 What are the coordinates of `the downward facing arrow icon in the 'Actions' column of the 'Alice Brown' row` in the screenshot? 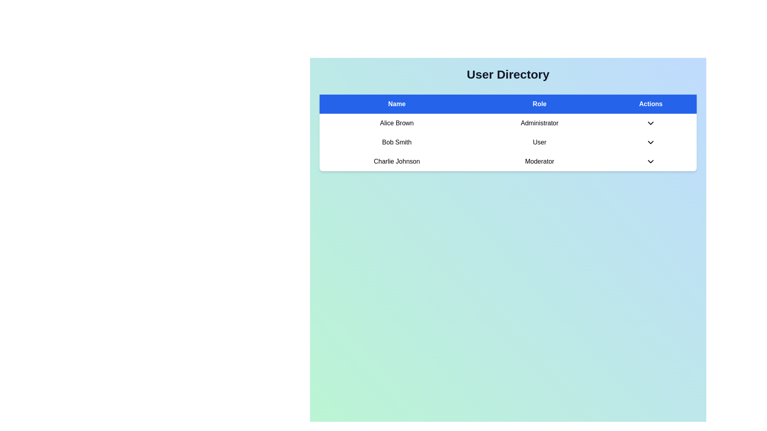 It's located at (651, 123).